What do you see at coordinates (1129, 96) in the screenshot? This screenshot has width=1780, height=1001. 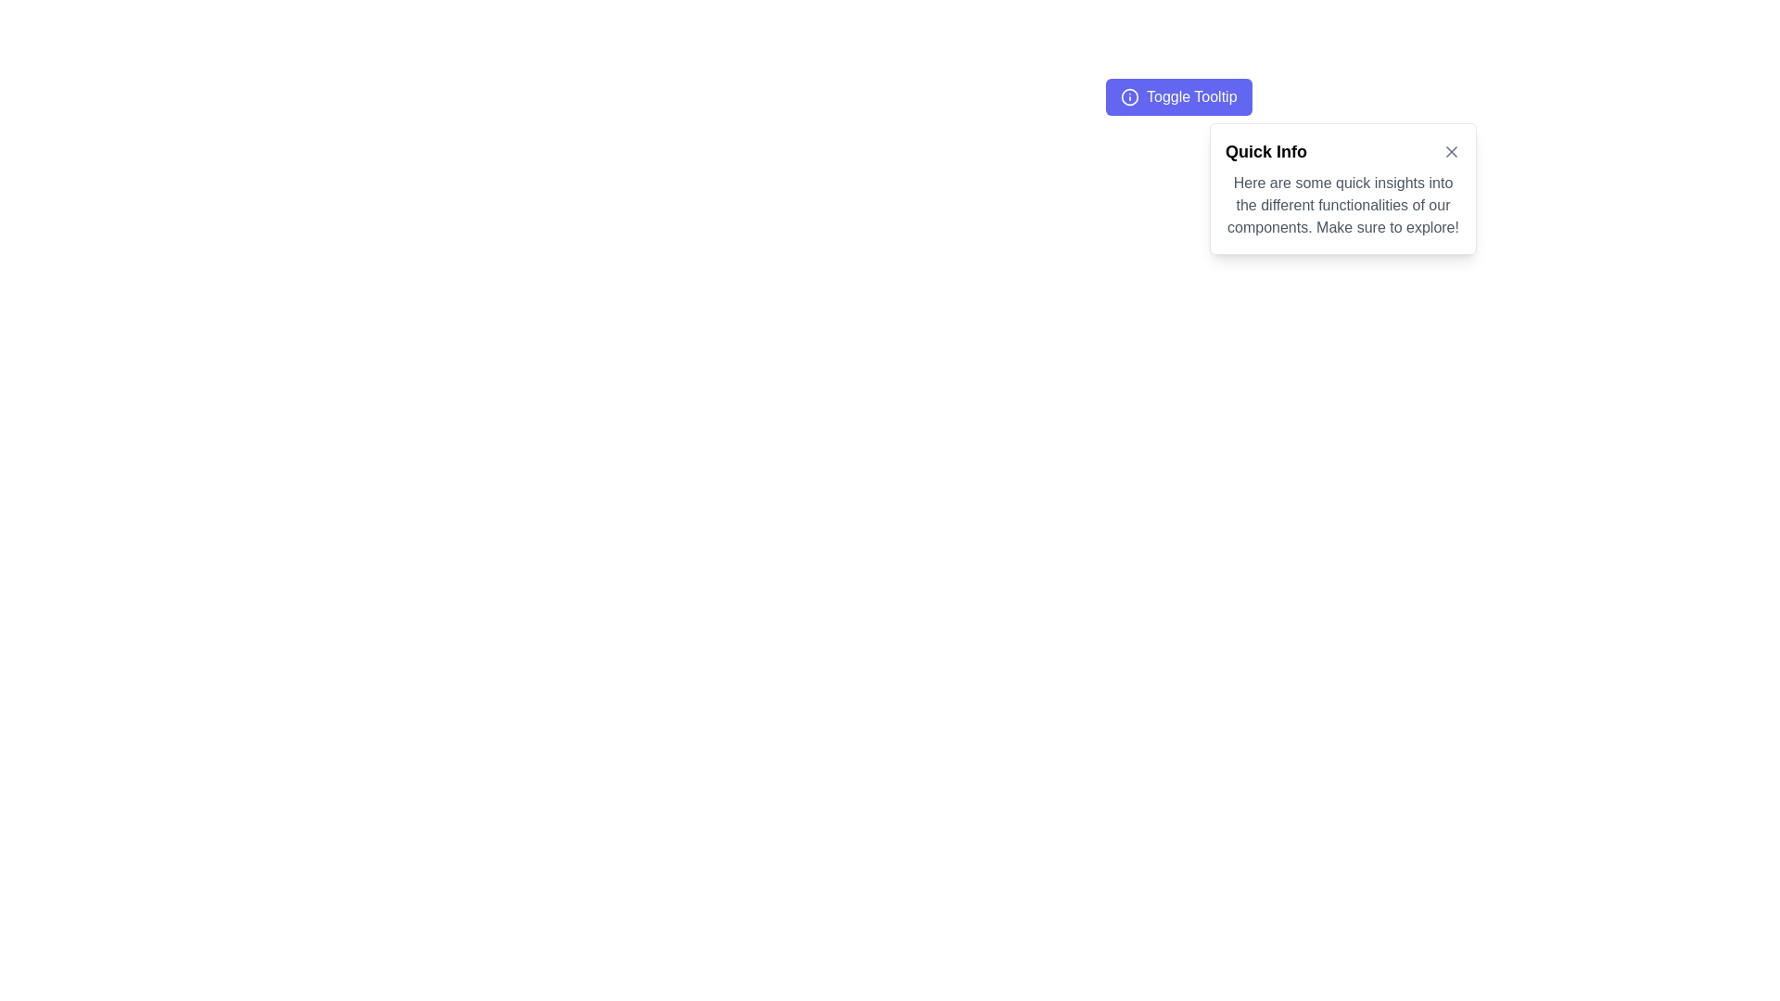 I see `the circular icon located to the left of the 'Toggle Tooltip' button` at bounding box center [1129, 96].